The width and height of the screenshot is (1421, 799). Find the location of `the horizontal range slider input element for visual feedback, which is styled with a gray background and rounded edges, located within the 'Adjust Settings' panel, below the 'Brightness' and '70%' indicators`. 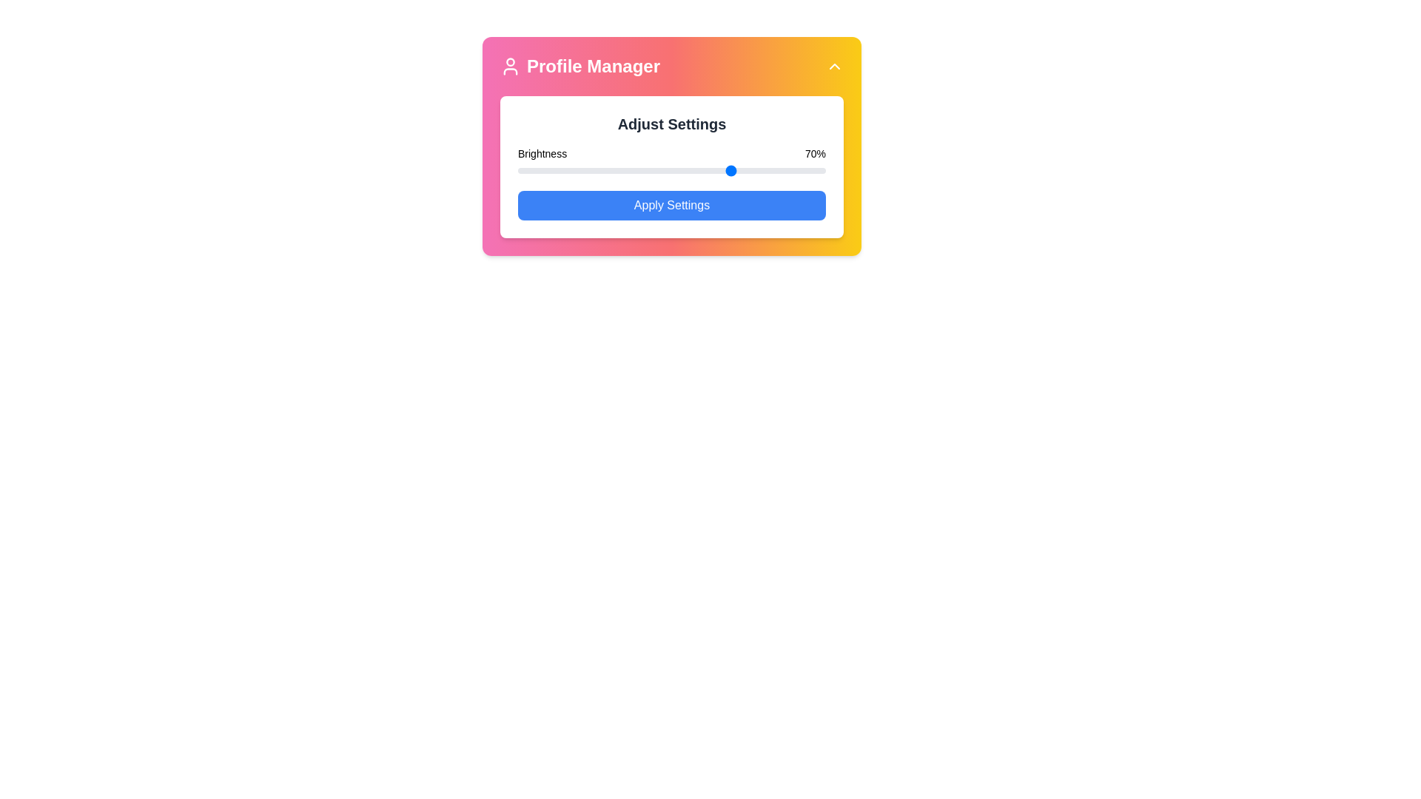

the horizontal range slider input element for visual feedback, which is styled with a gray background and rounded edges, located within the 'Adjust Settings' panel, below the 'Brightness' and '70%' indicators is located at coordinates (671, 170).